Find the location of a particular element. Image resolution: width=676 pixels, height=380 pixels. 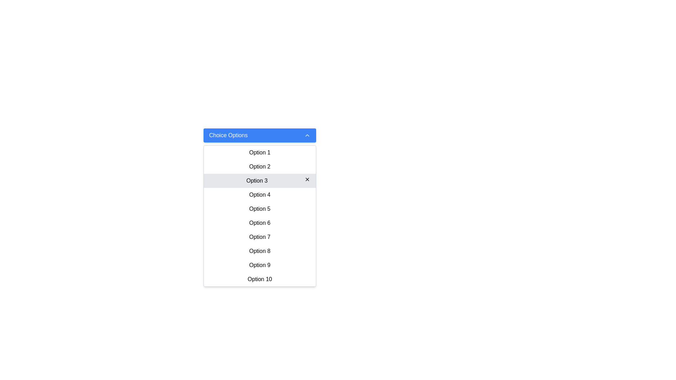

the fifth item in the dropdown list, located beneath 'Option 4' and above 'Option 6' is located at coordinates (259, 208).